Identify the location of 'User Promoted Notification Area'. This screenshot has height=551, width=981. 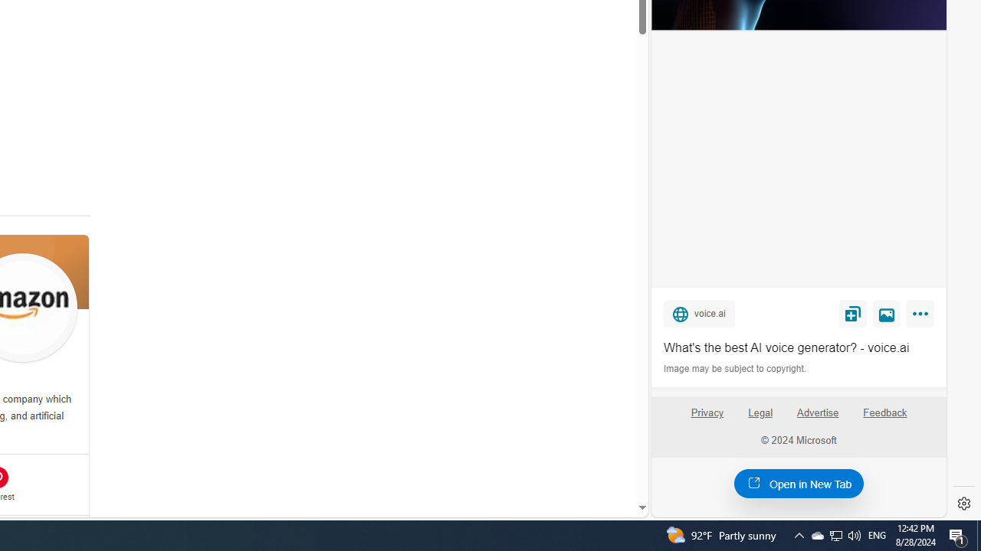
(835, 534).